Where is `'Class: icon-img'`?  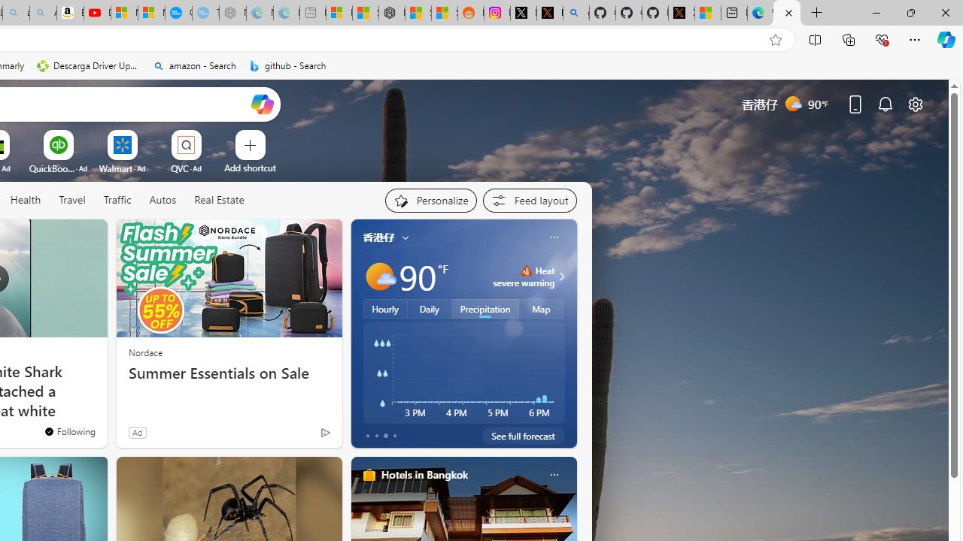 'Class: icon-img' is located at coordinates (553, 475).